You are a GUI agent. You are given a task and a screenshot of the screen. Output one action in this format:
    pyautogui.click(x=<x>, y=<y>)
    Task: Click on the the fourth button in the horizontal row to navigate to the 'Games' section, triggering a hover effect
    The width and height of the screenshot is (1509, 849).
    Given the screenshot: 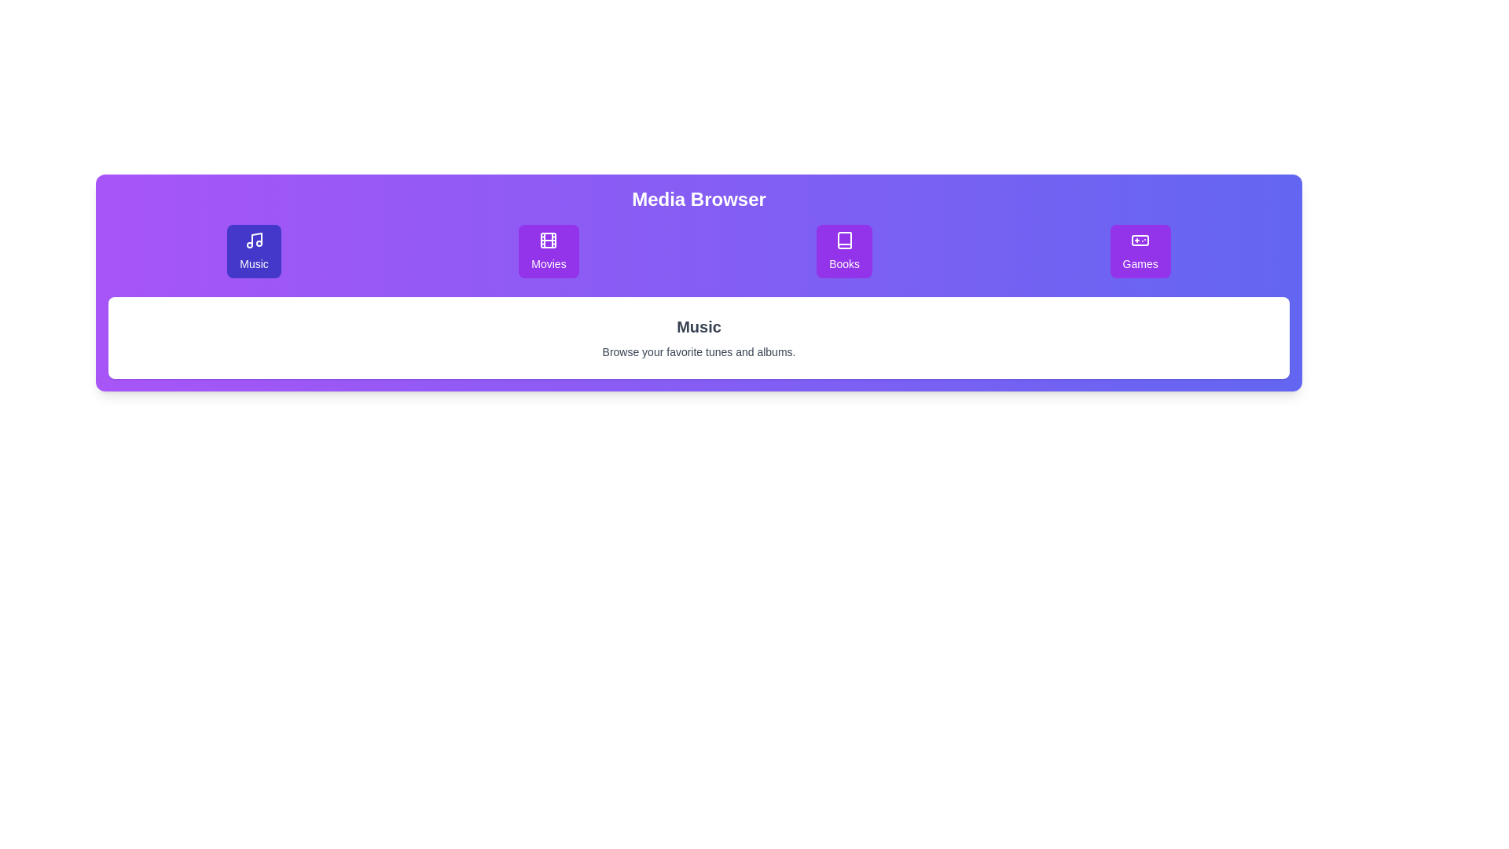 What is the action you would take?
    pyautogui.click(x=1140, y=251)
    